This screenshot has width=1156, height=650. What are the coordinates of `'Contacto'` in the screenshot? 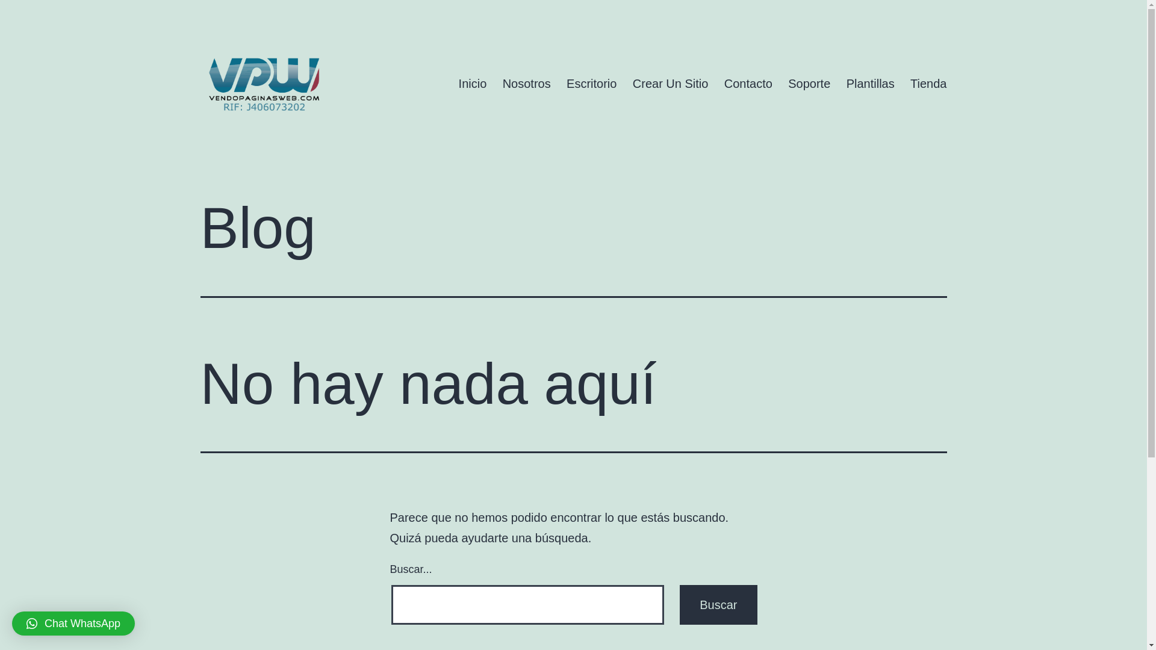 It's located at (716, 82).